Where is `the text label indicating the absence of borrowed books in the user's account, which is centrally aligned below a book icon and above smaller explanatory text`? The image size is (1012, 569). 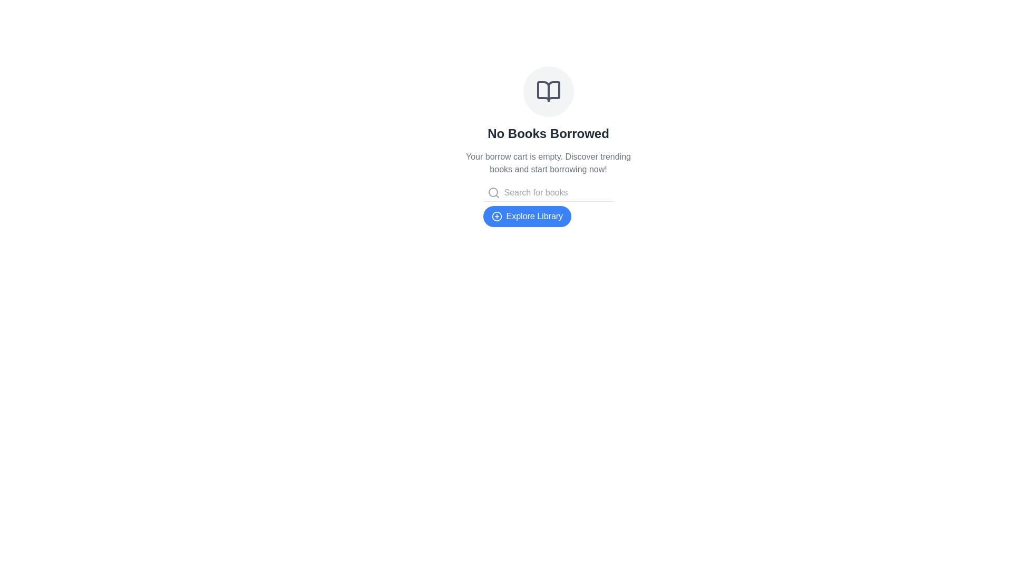
the text label indicating the absence of borrowed books in the user's account, which is centrally aligned below a book icon and above smaller explanatory text is located at coordinates (548, 133).